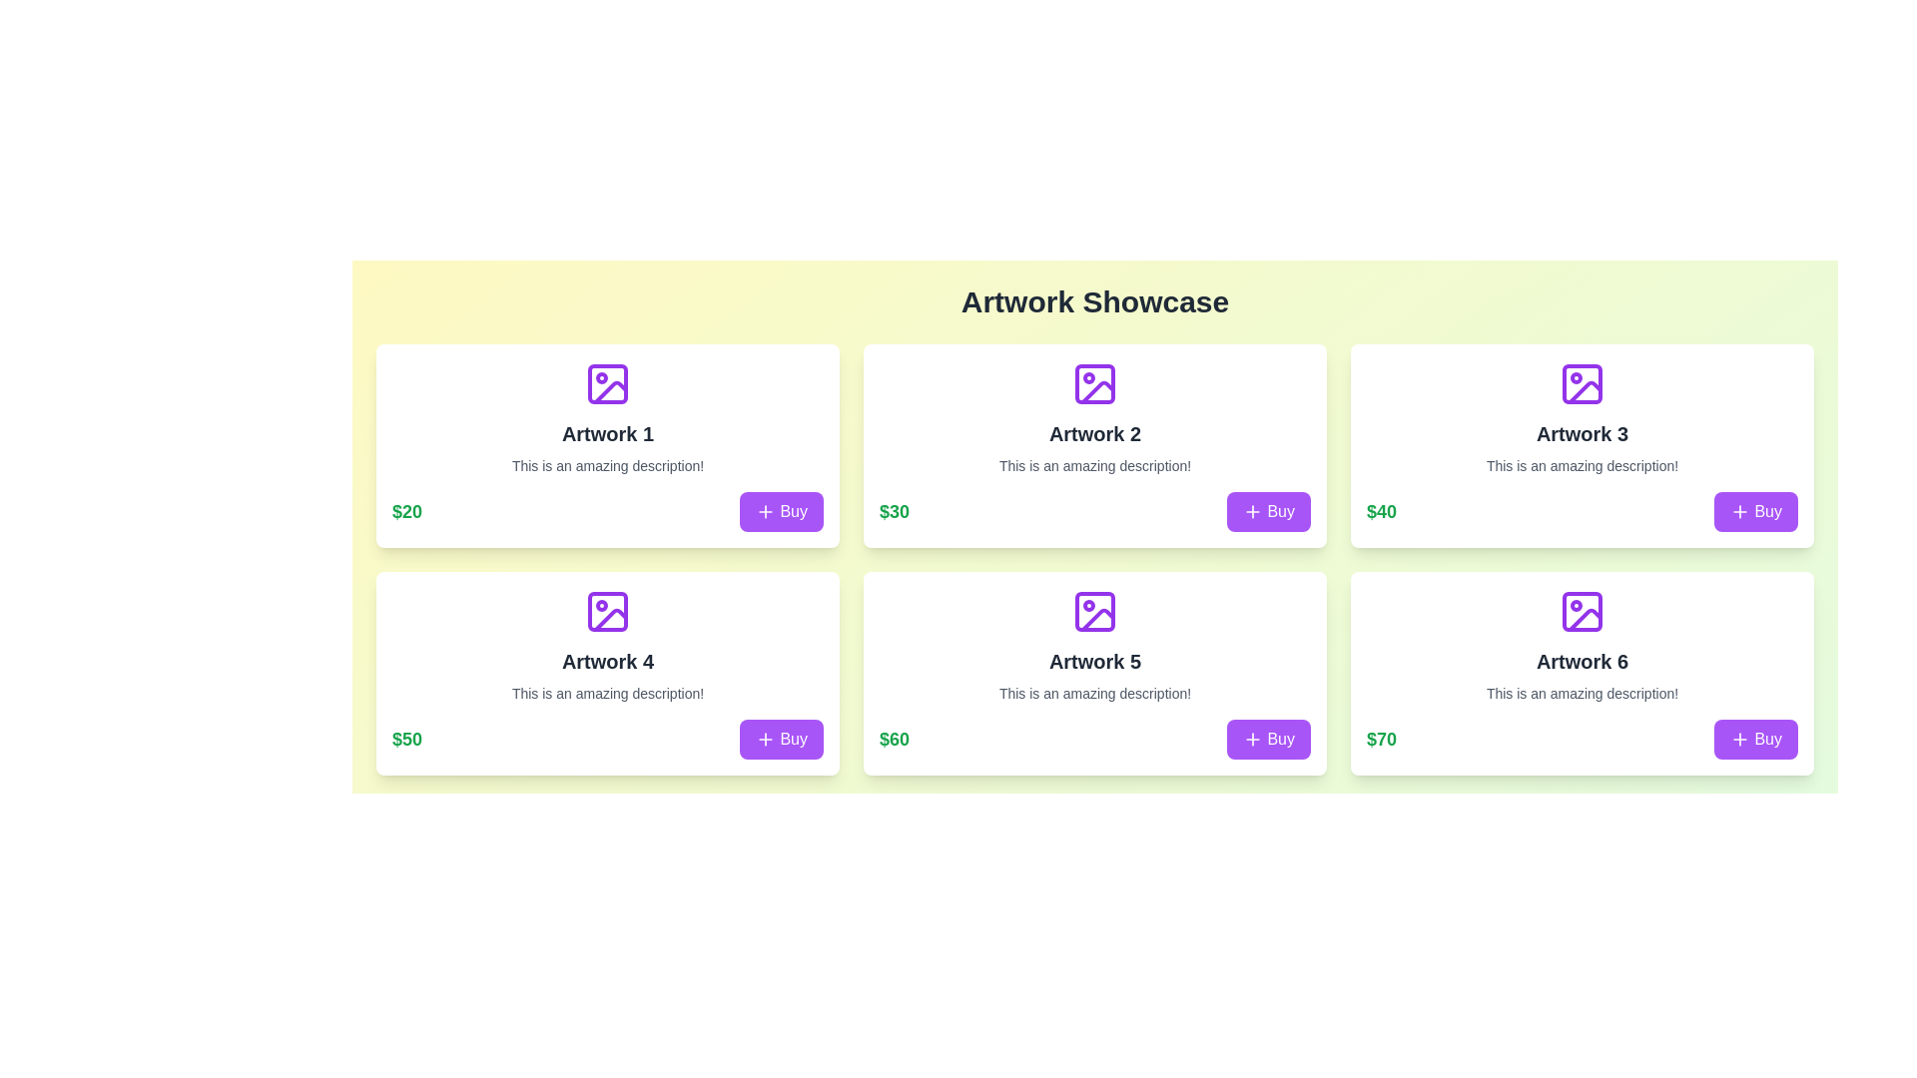 Image resolution: width=1917 pixels, height=1078 pixels. Describe the element at coordinates (1768, 511) in the screenshot. I see `the 'Buy' text label located inside the purple button at the bottom-right corner of the 'Artwork 3' tile` at that location.